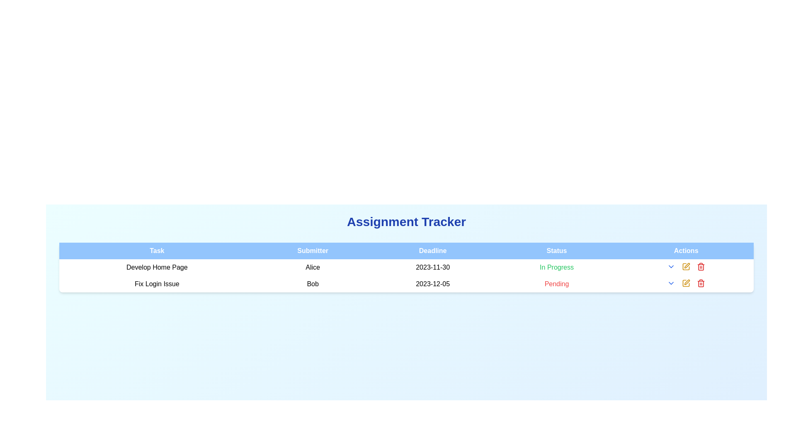 The width and height of the screenshot is (796, 448). I want to click on the trash can icon in the Actions column of the second row, so click(701, 267).